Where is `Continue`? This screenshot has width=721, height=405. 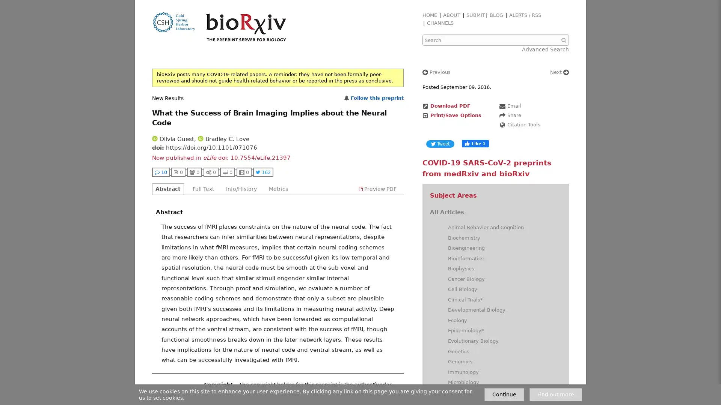
Continue is located at coordinates (504, 394).